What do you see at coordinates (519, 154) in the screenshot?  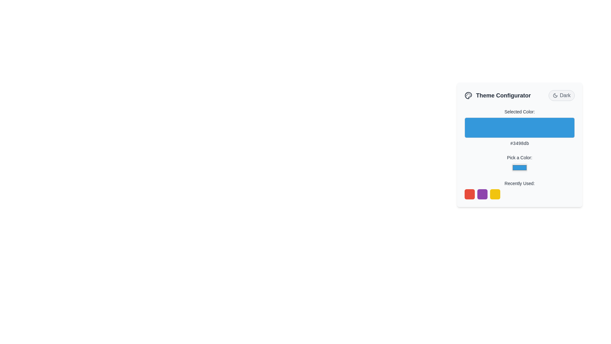 I see `the color picker dropdown menu, which is a rectangular box filled with blue color (#3498db) and has rounded borders with a light gray outline, located below the 'Pick a Color:' label and above the 'Recently Used:' section` at bounding box center [519, 154].